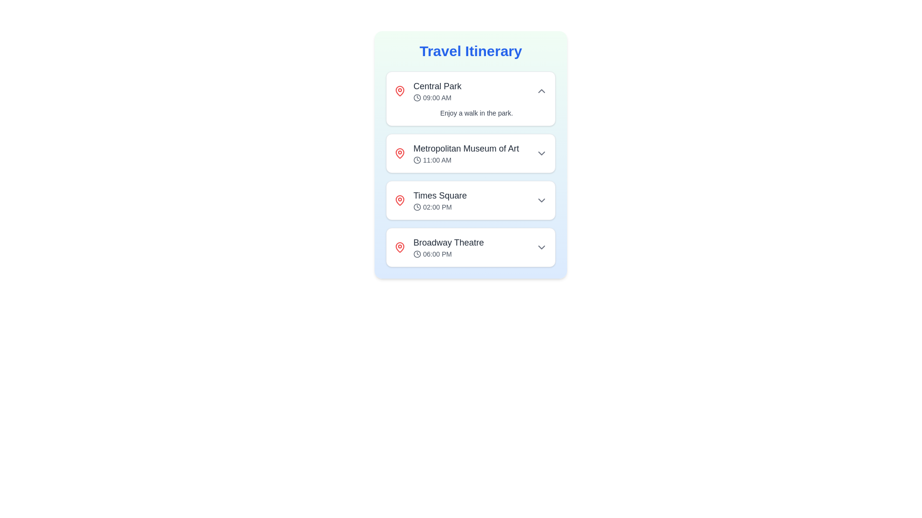  I want to click on the chevron-shaped upward arrow icon located to the right of the text 'Central Park 09:00 AM' in the itinerary list, so click(542, 91).